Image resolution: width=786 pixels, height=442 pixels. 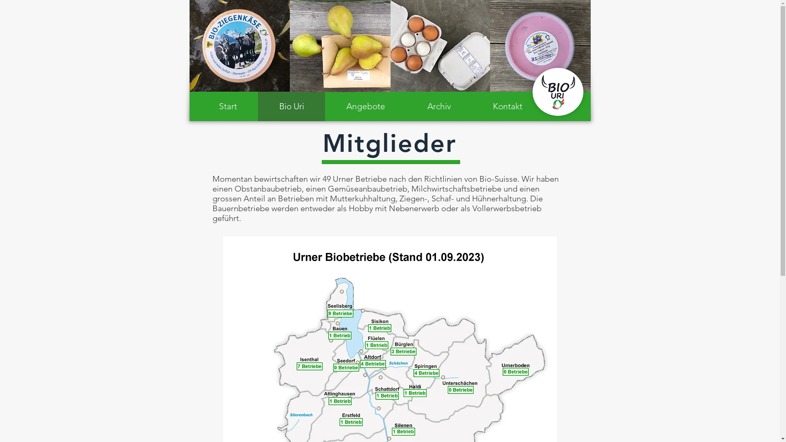 I want to click on 'Start', so click(x=228, y=106).